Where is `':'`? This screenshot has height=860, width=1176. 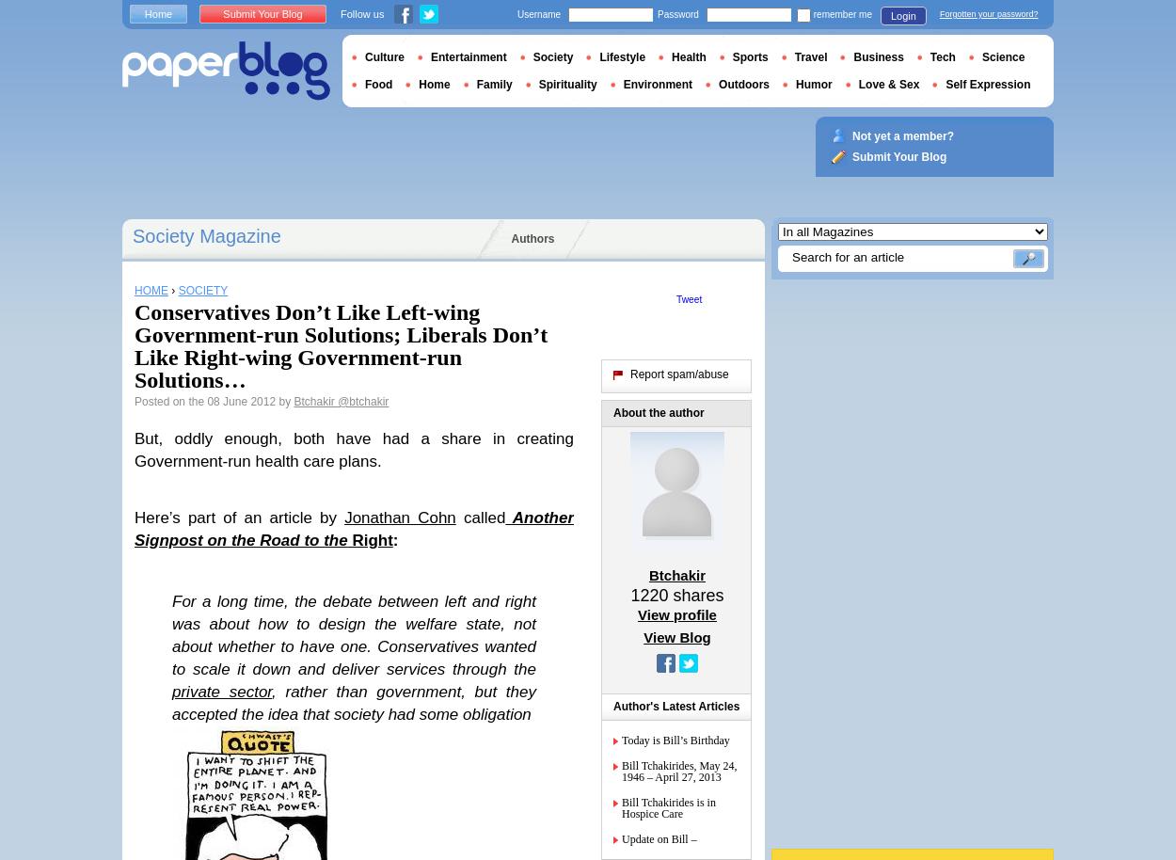 ':' is located at coordinates (392, 540).